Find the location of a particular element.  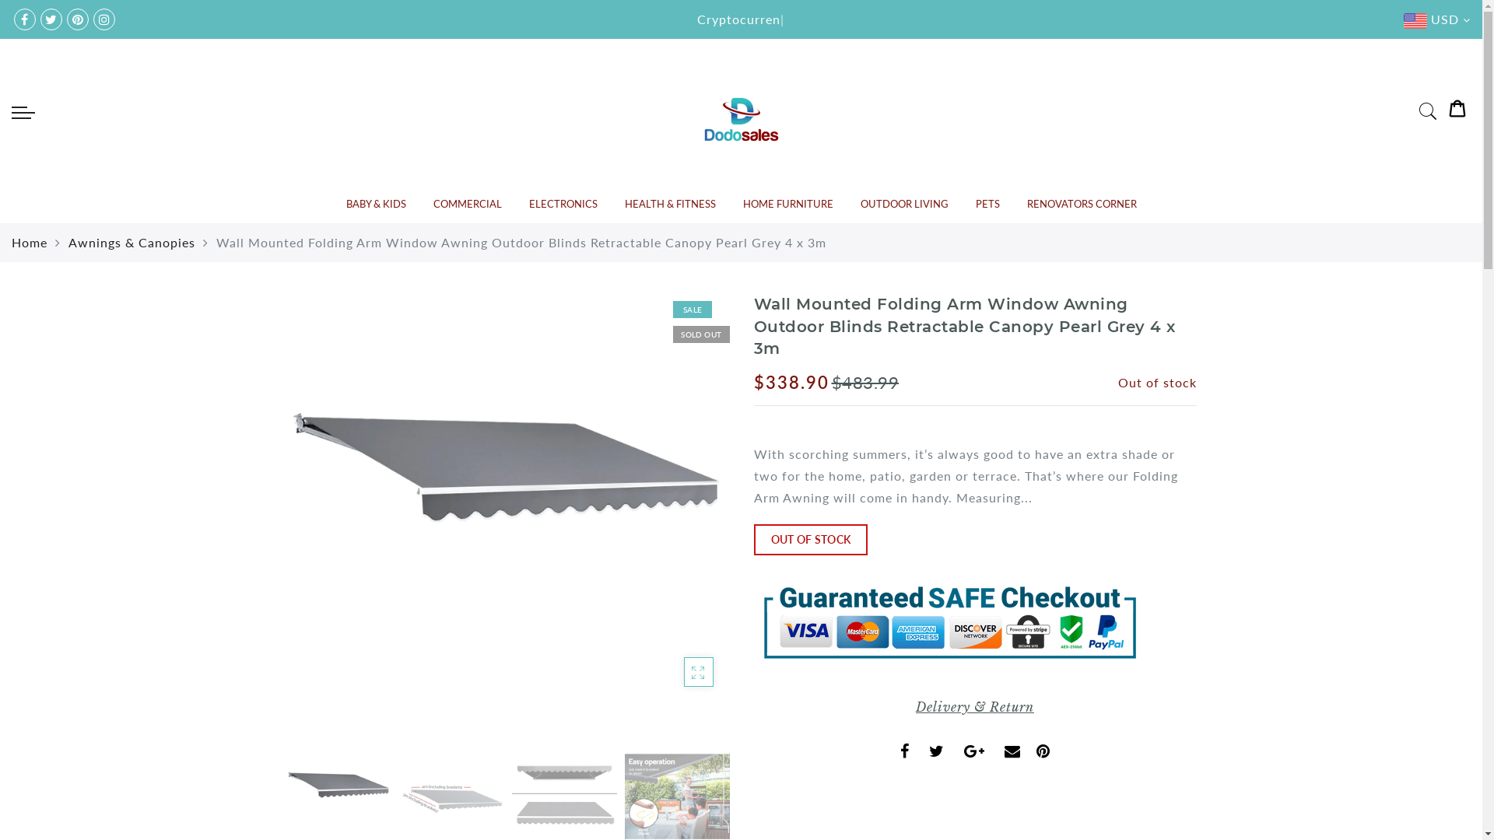

'OUTDOOR LIVING' is located at coordinates (904, 203).